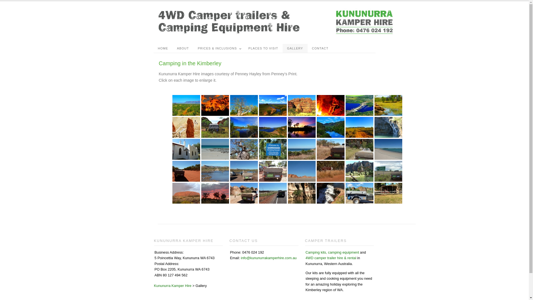 The width and height of the screenshot is (533, 300). What do you see at coordinates (183, 48) in the screenshot?
I see `'ABOUT'` at bounding box center [183, 48].